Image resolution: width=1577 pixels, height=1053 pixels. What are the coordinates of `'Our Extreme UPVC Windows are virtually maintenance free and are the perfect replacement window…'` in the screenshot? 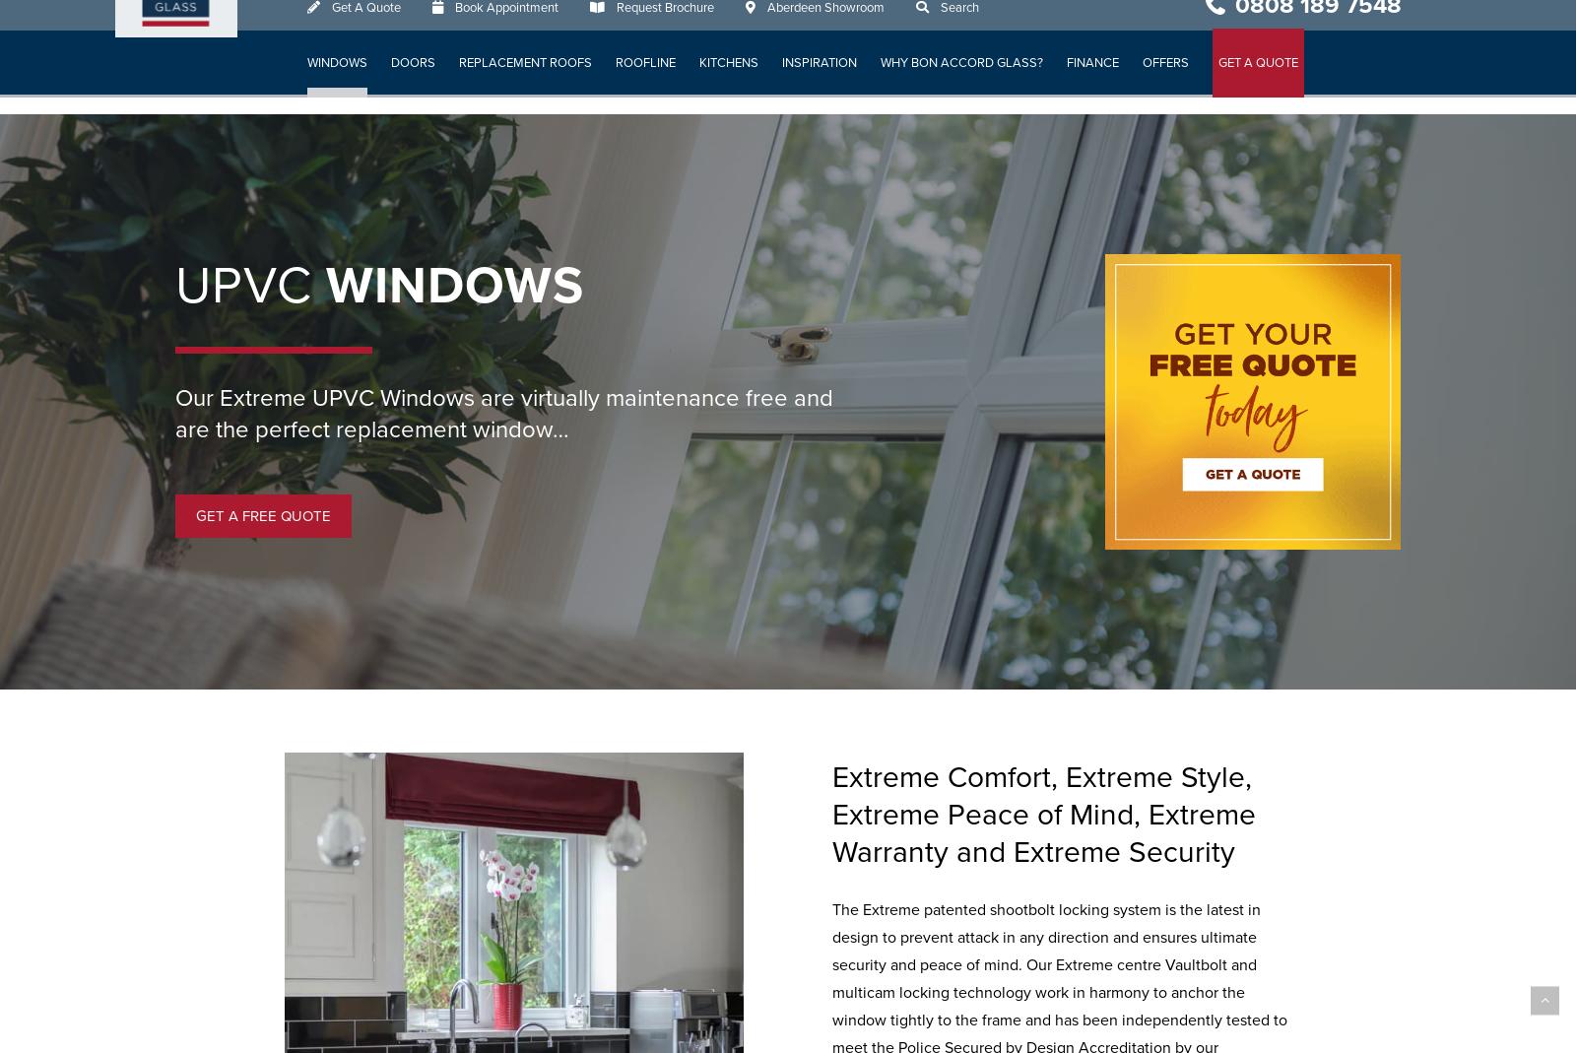 It's located at (503, 414).